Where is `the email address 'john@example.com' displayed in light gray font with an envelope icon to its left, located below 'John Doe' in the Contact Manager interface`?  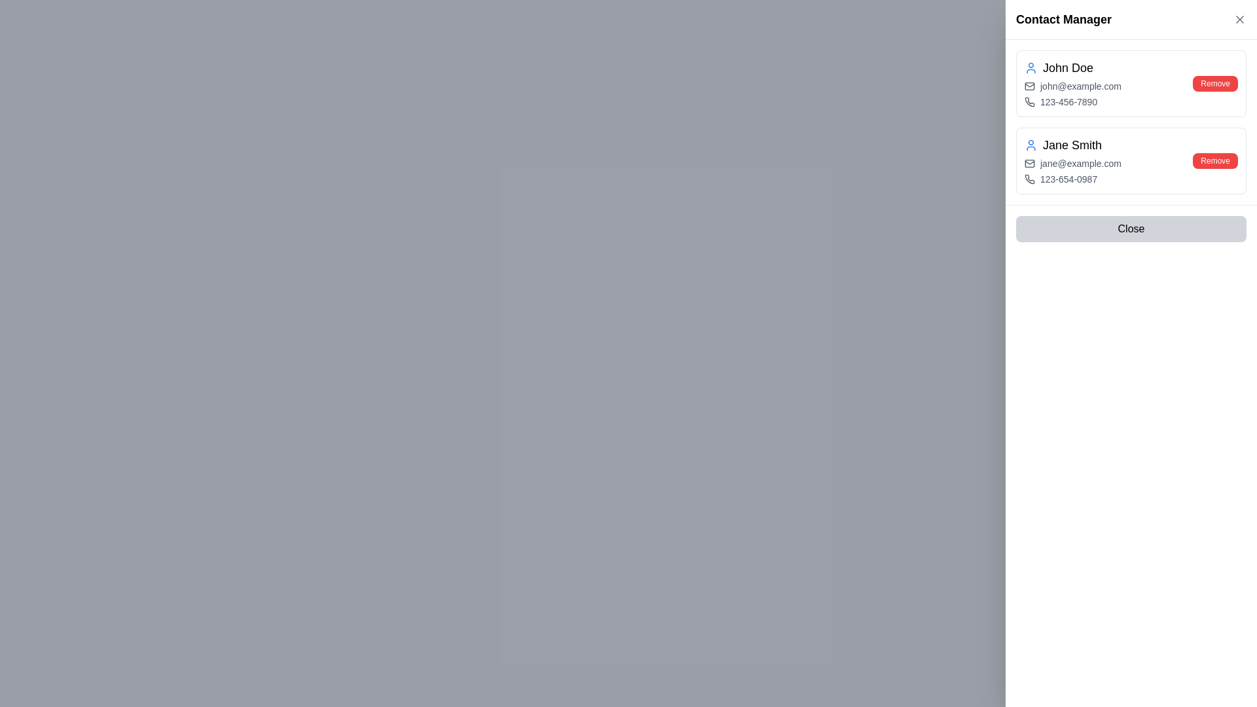
the email address 'john@example.com' displayed in light gray font with an envelope icon to its left, located below 'John Doe' in the Contact Manager interface is located at coordinates (1072, 86).